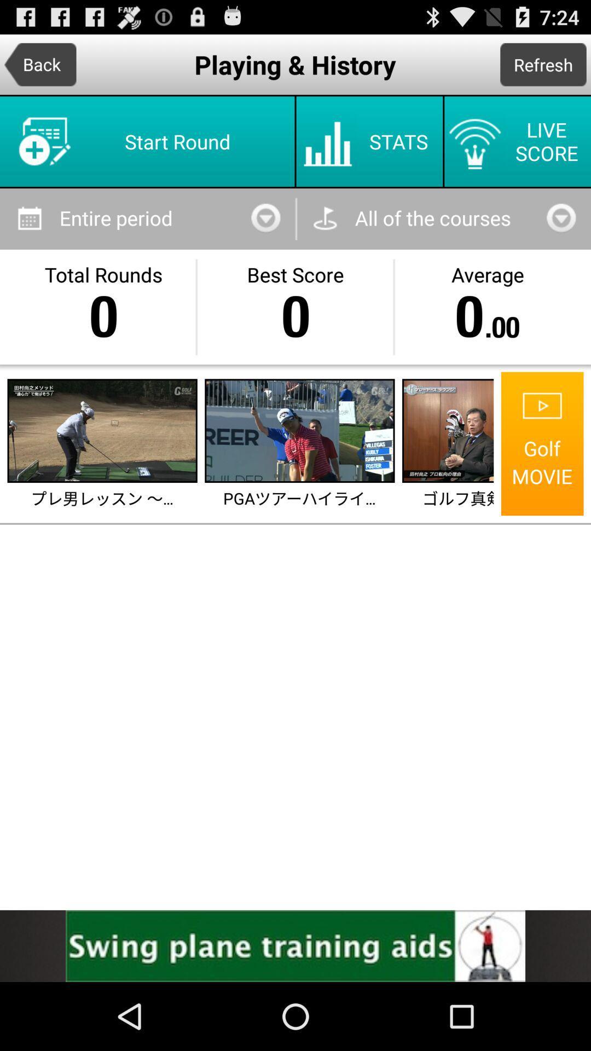 This screenshot has height=1051, width=591. Describe the element at coordinates (299, 430) in the screenshot. I see `this video` at that location.